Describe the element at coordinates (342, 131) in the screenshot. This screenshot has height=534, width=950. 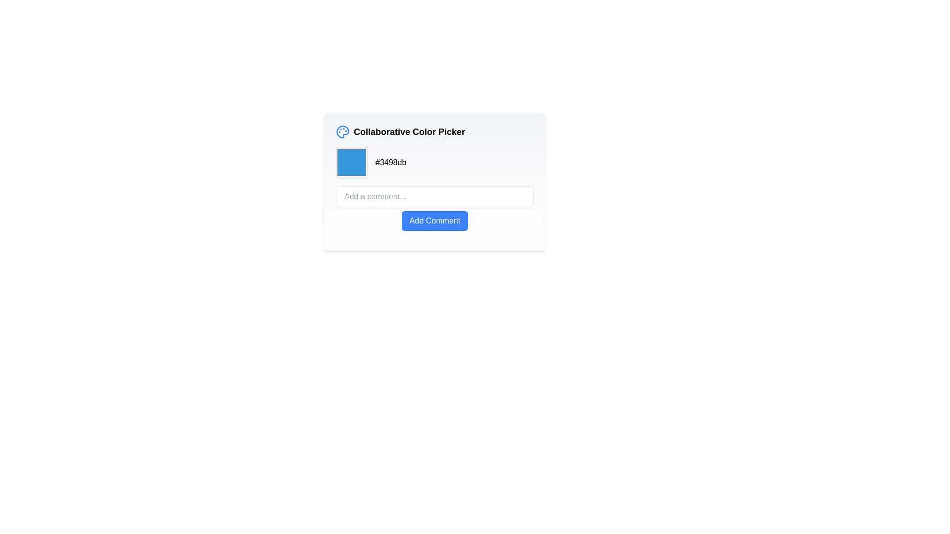
I see `the decorative vector graphic component that is part of the palette icon in the top-left corner of the interface` at that location.